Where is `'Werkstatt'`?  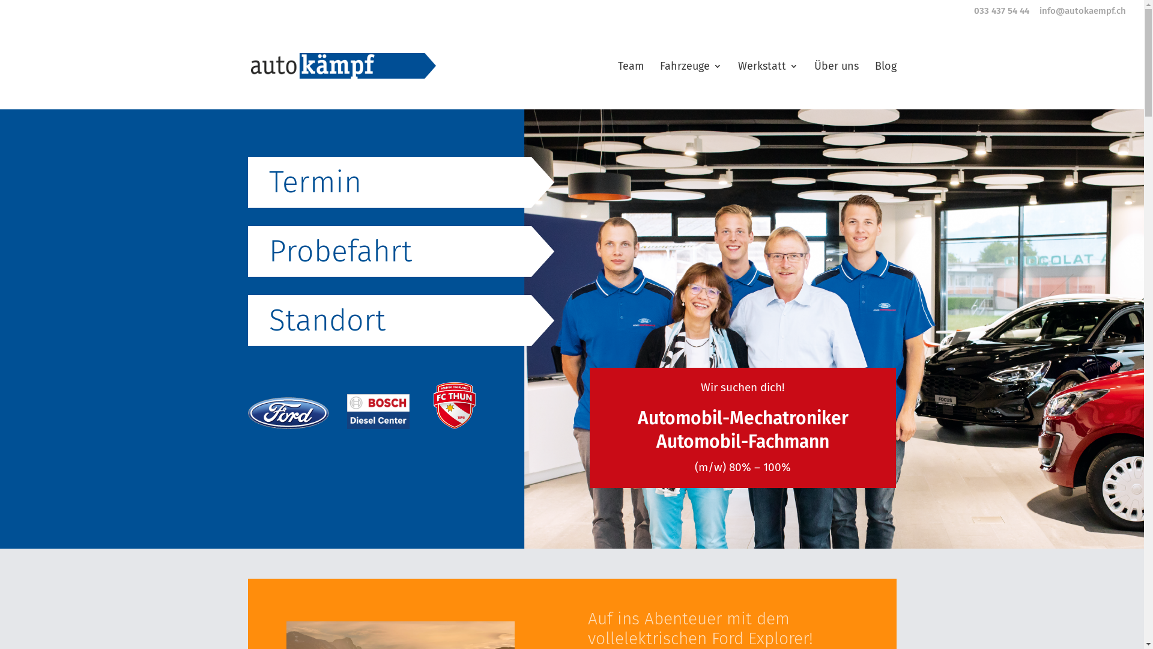
'Werkstatt' is located at coordinates (737, 84).